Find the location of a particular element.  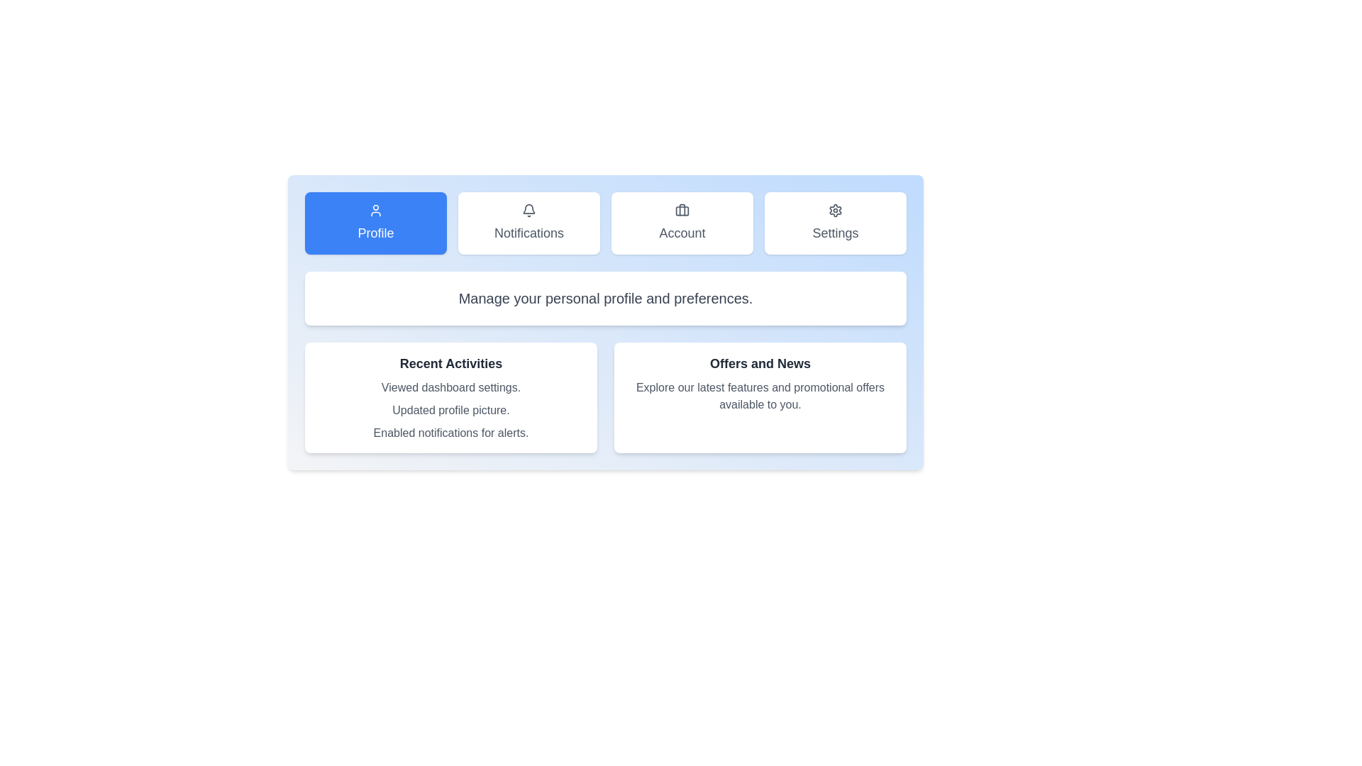

the text element displaying 'Recent Activities', which is styled in bold, dark-gray font, to trigger tooltips or popups is located at coordinates (450, 363).